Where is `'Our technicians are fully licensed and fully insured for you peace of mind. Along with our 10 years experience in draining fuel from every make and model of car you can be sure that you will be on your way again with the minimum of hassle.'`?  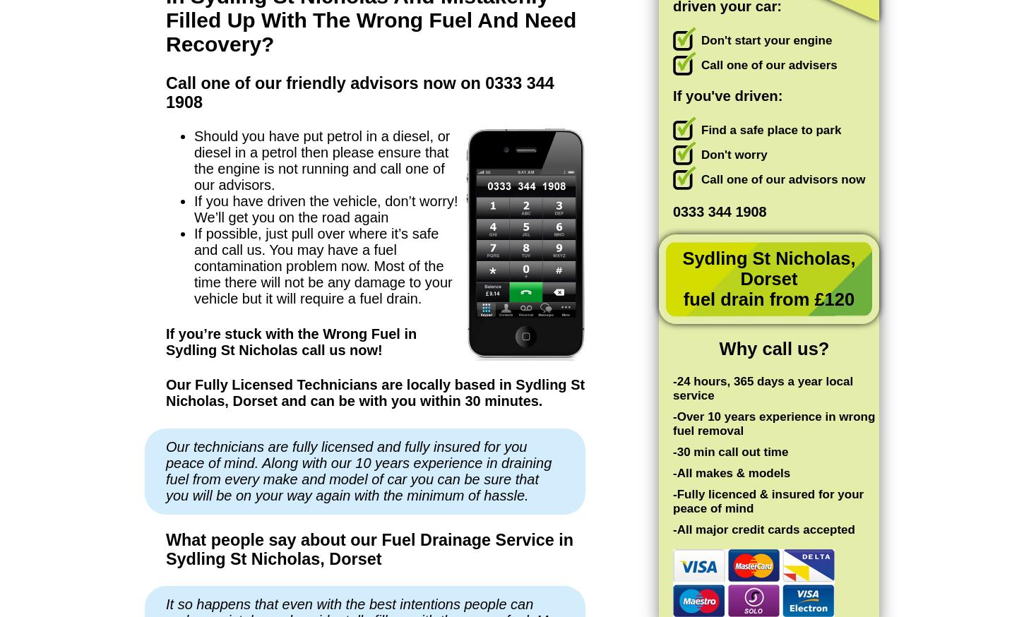 'Our technicians are fully licensed and fully insured for you peace of mind. Along with our 10 years experience in draining fuel from every make and model of car you can be sure that you will be on your way again with the minimum of hassle.' is located at coordinates (358, 470).